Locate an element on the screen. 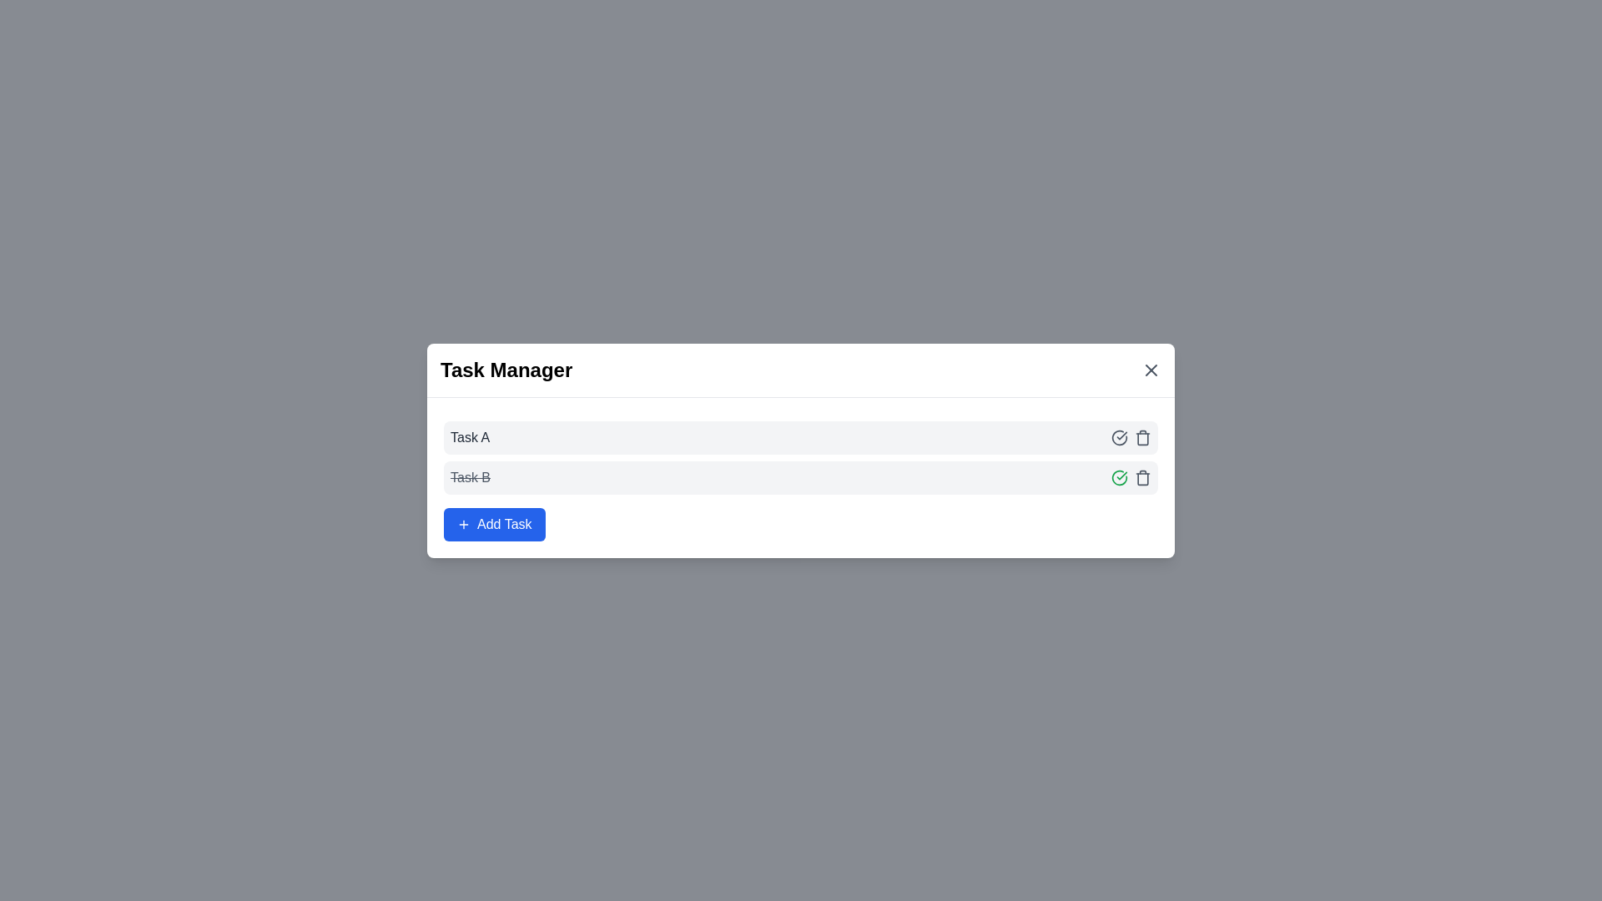 Image resolution: width=1602 pixels, height=901 pixels. the trash can icon button located in the bottom right corner of the task row labeled 'Task A' is located at coordinates (1141, 477).